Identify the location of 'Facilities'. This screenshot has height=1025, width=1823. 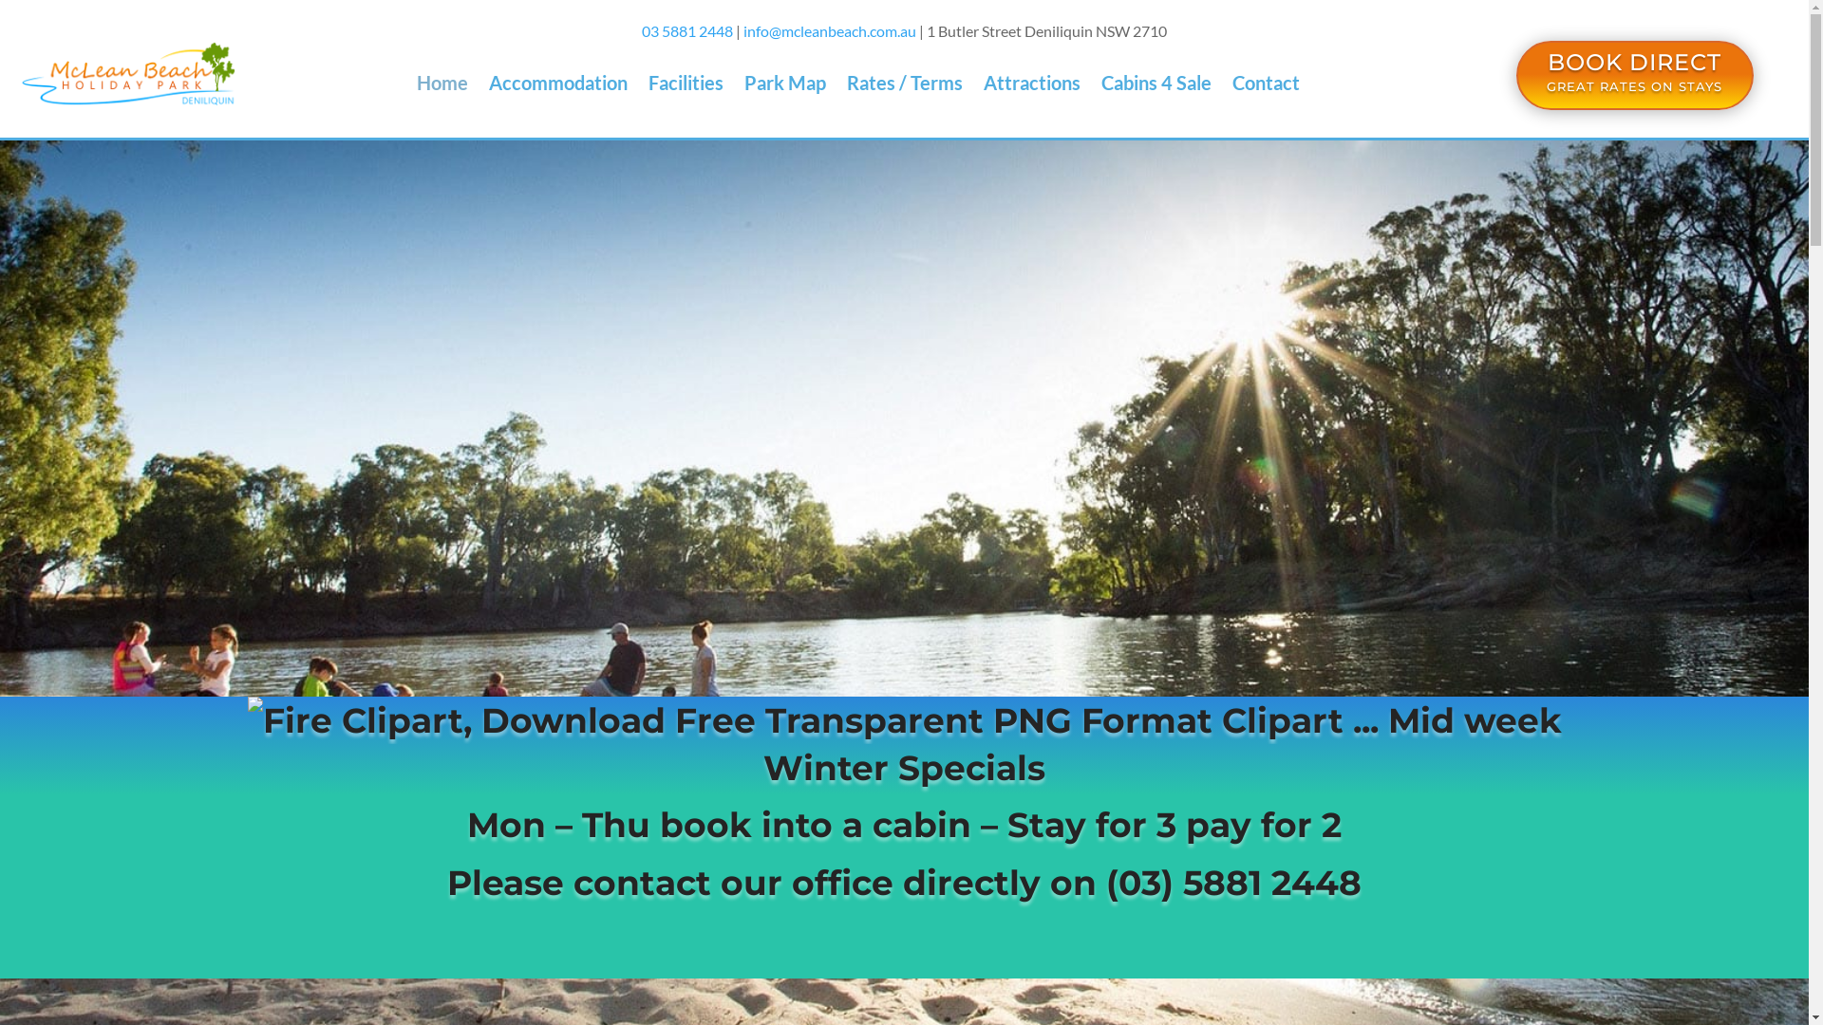
(648, 86).